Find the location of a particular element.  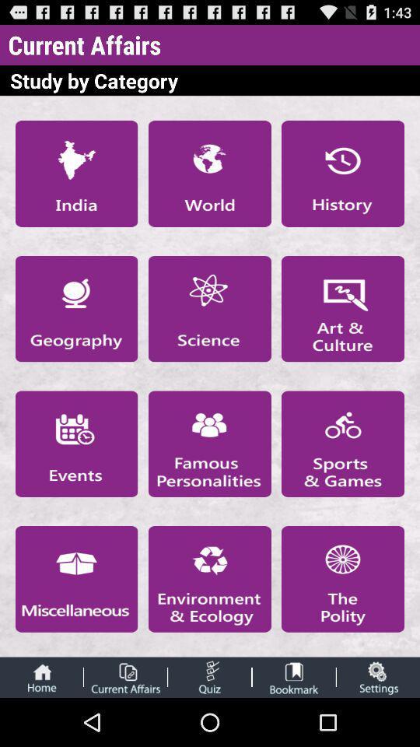

selection of the category environment and ecology is located at coordinates (209, 578).